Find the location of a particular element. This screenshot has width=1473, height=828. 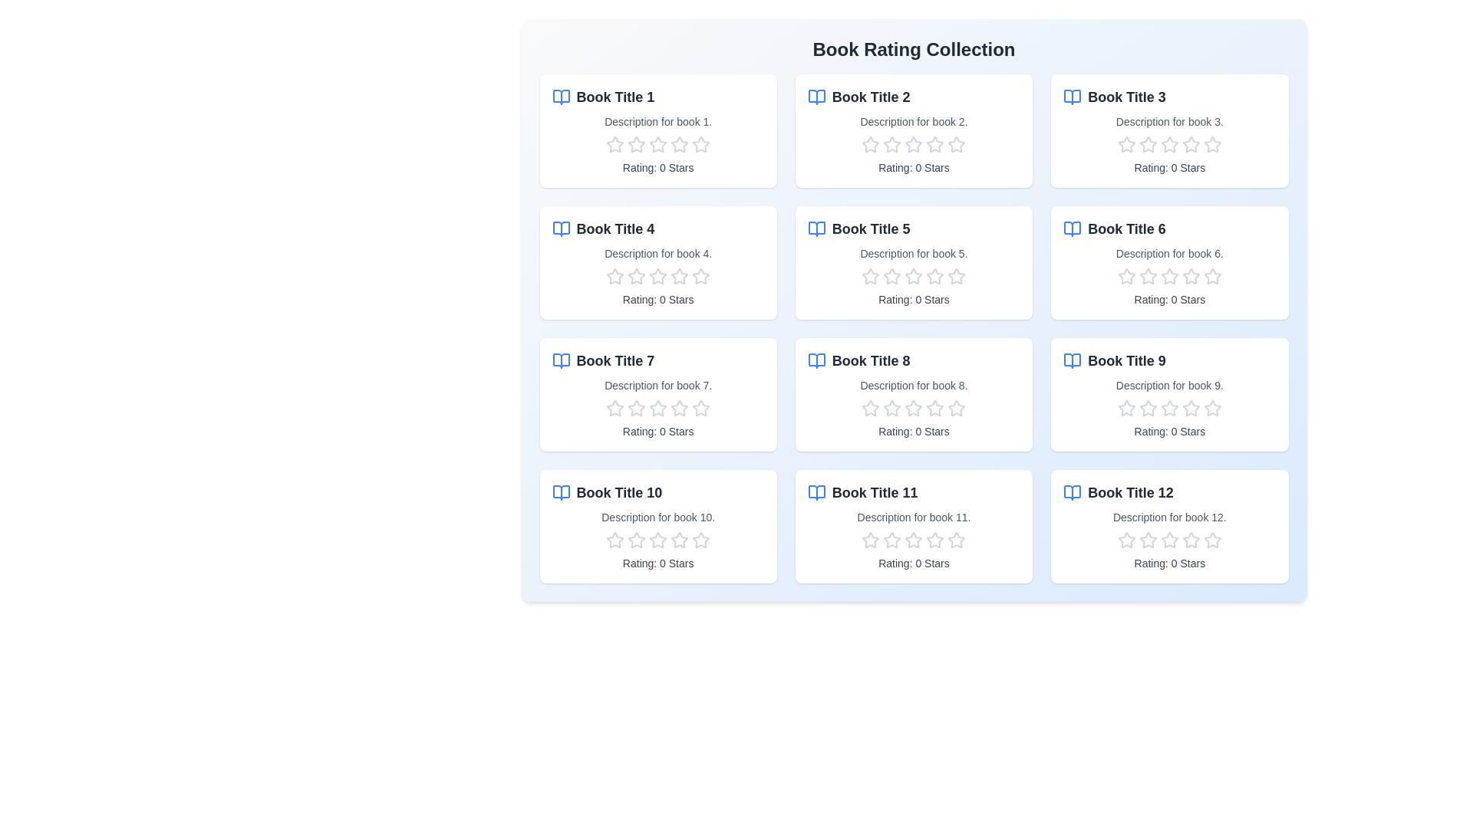

the rating of a book to 1 stars by clicking on the corresponding star in the book's rating section is located at coordinates (615, 145).